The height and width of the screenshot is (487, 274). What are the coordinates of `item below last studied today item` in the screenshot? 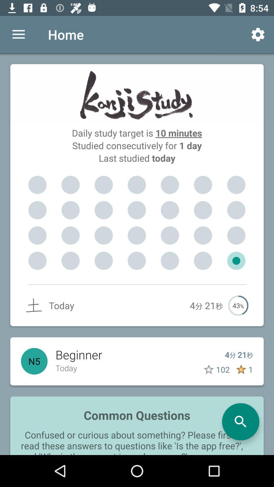 It's located at (203, 185).